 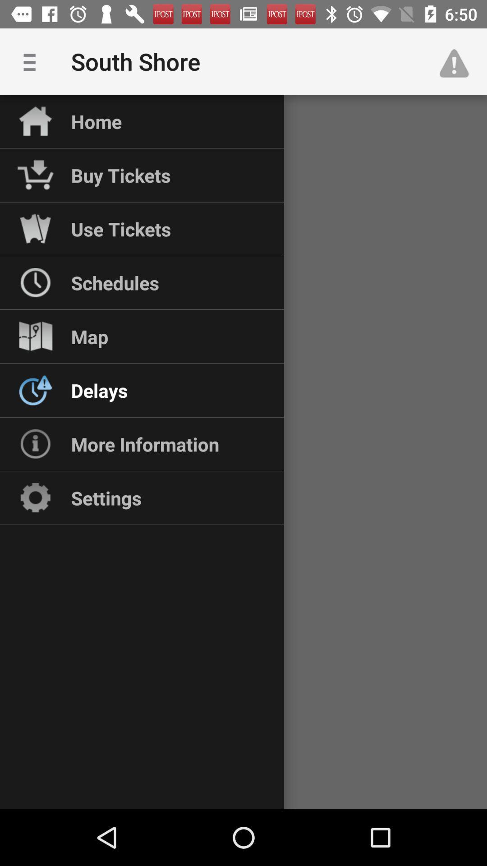 I want to click on the more information icon, so click(x=144, y=444).